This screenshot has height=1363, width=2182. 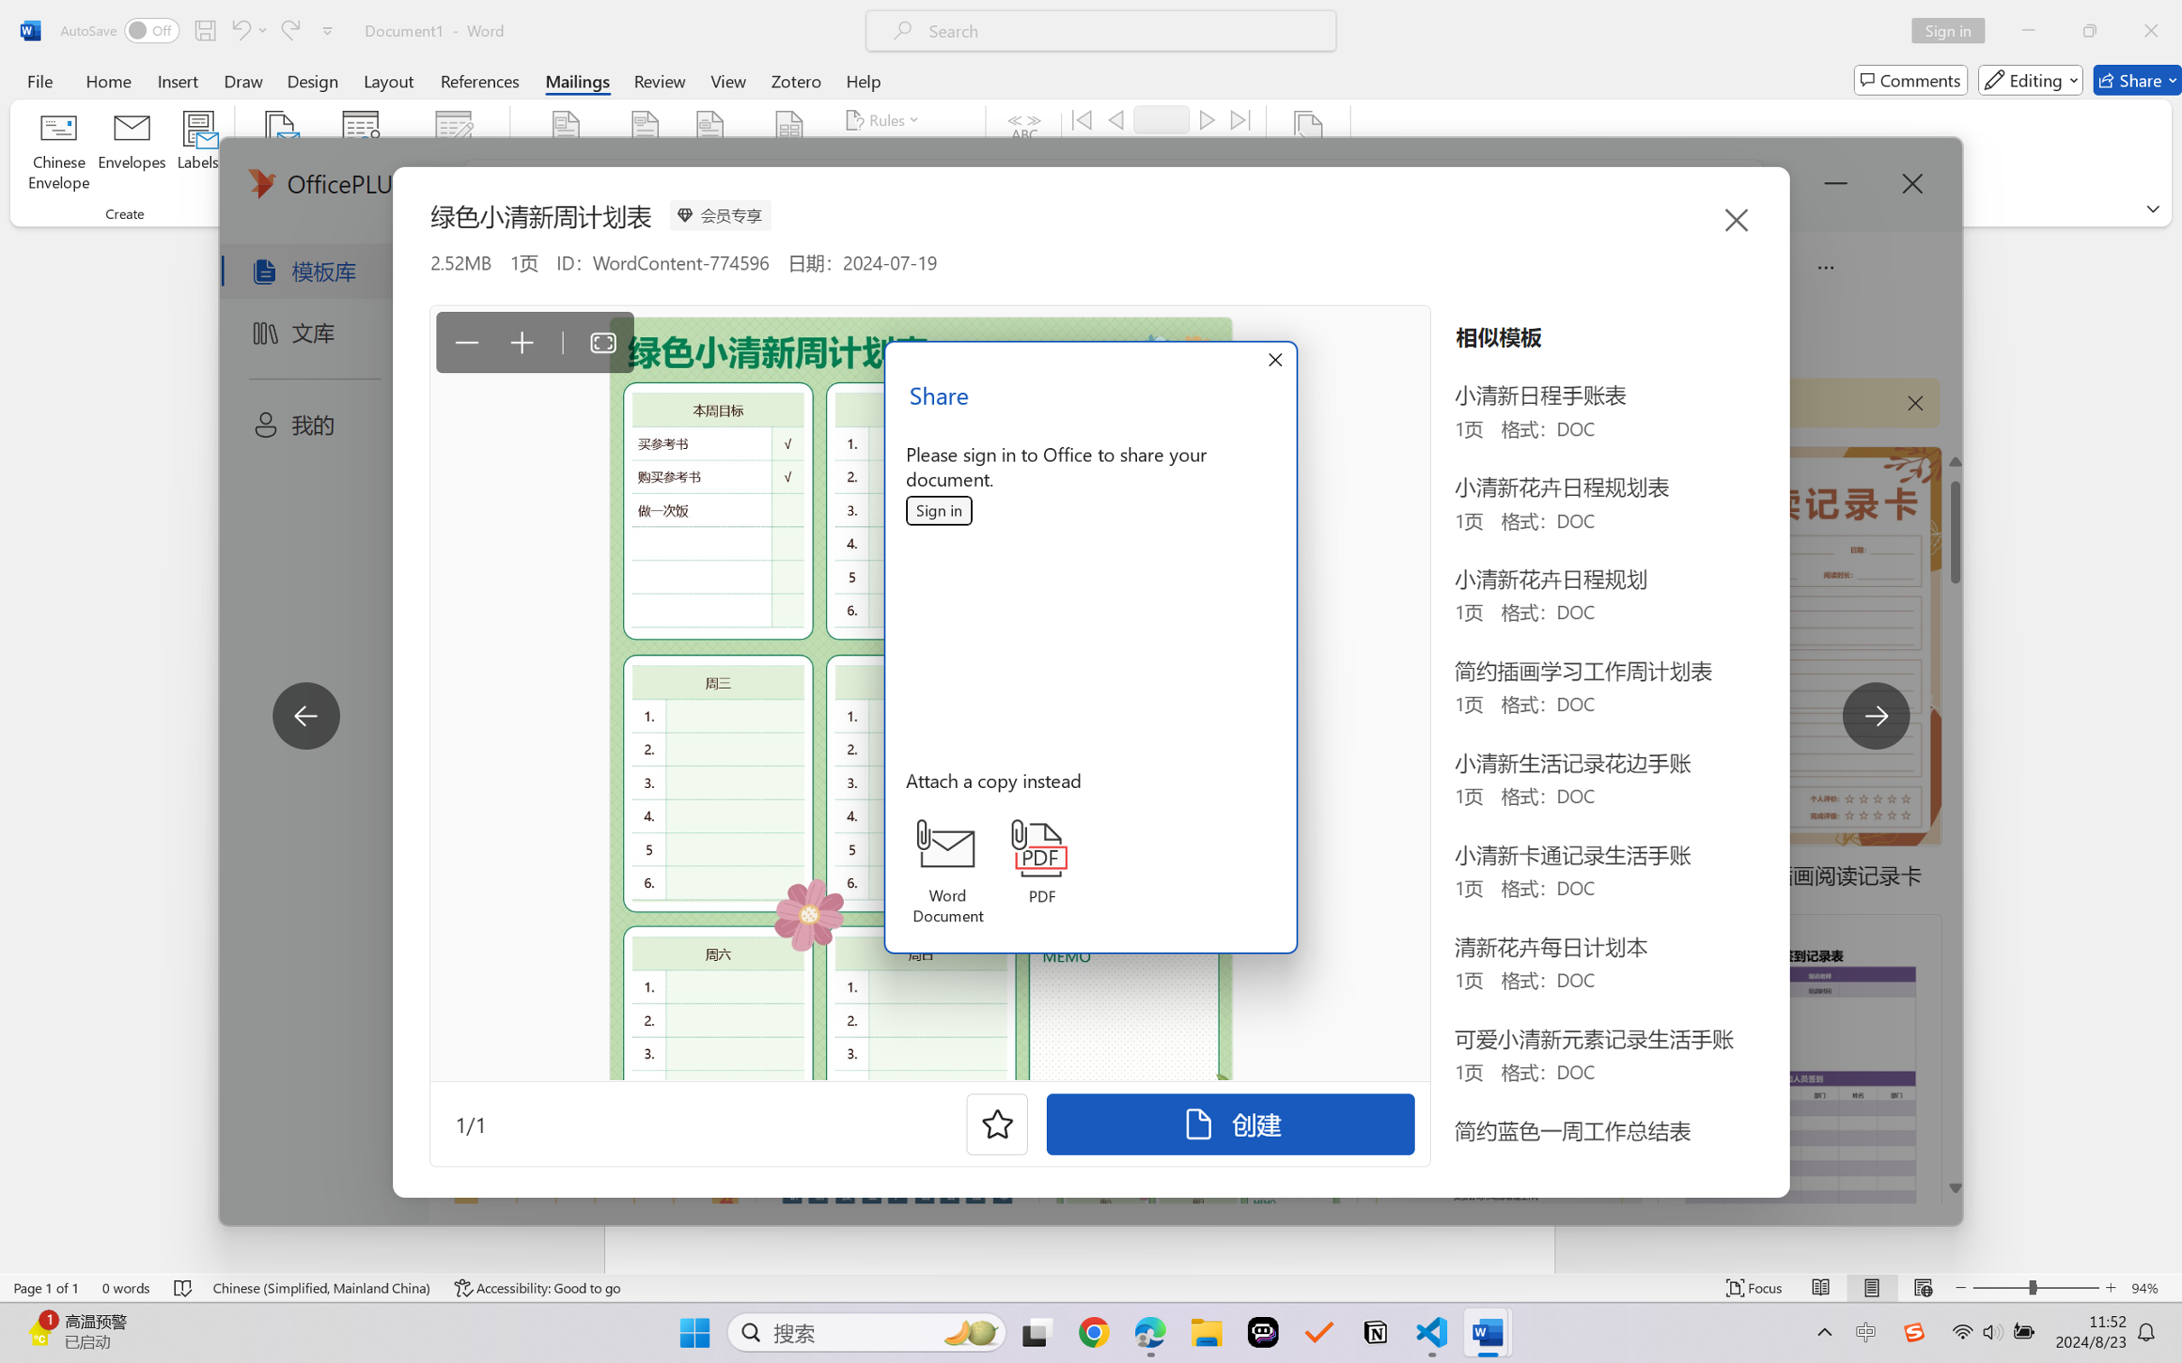 What do you see at coordinates (247, 30) in the screenshot?
I see `'Undo Apply Quick Style Set'` at bounding box center [247, 30].